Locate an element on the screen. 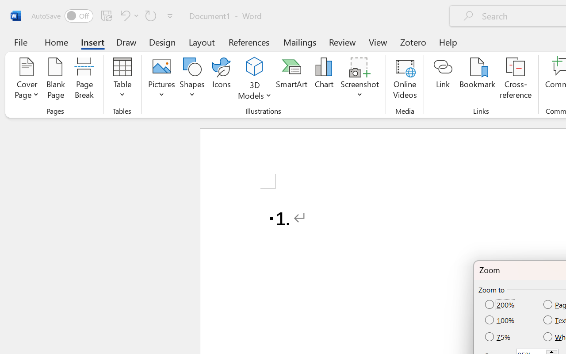 The width and height of the screenshot is (566, 354). '3D Models' is located at coordinates (254, 79).